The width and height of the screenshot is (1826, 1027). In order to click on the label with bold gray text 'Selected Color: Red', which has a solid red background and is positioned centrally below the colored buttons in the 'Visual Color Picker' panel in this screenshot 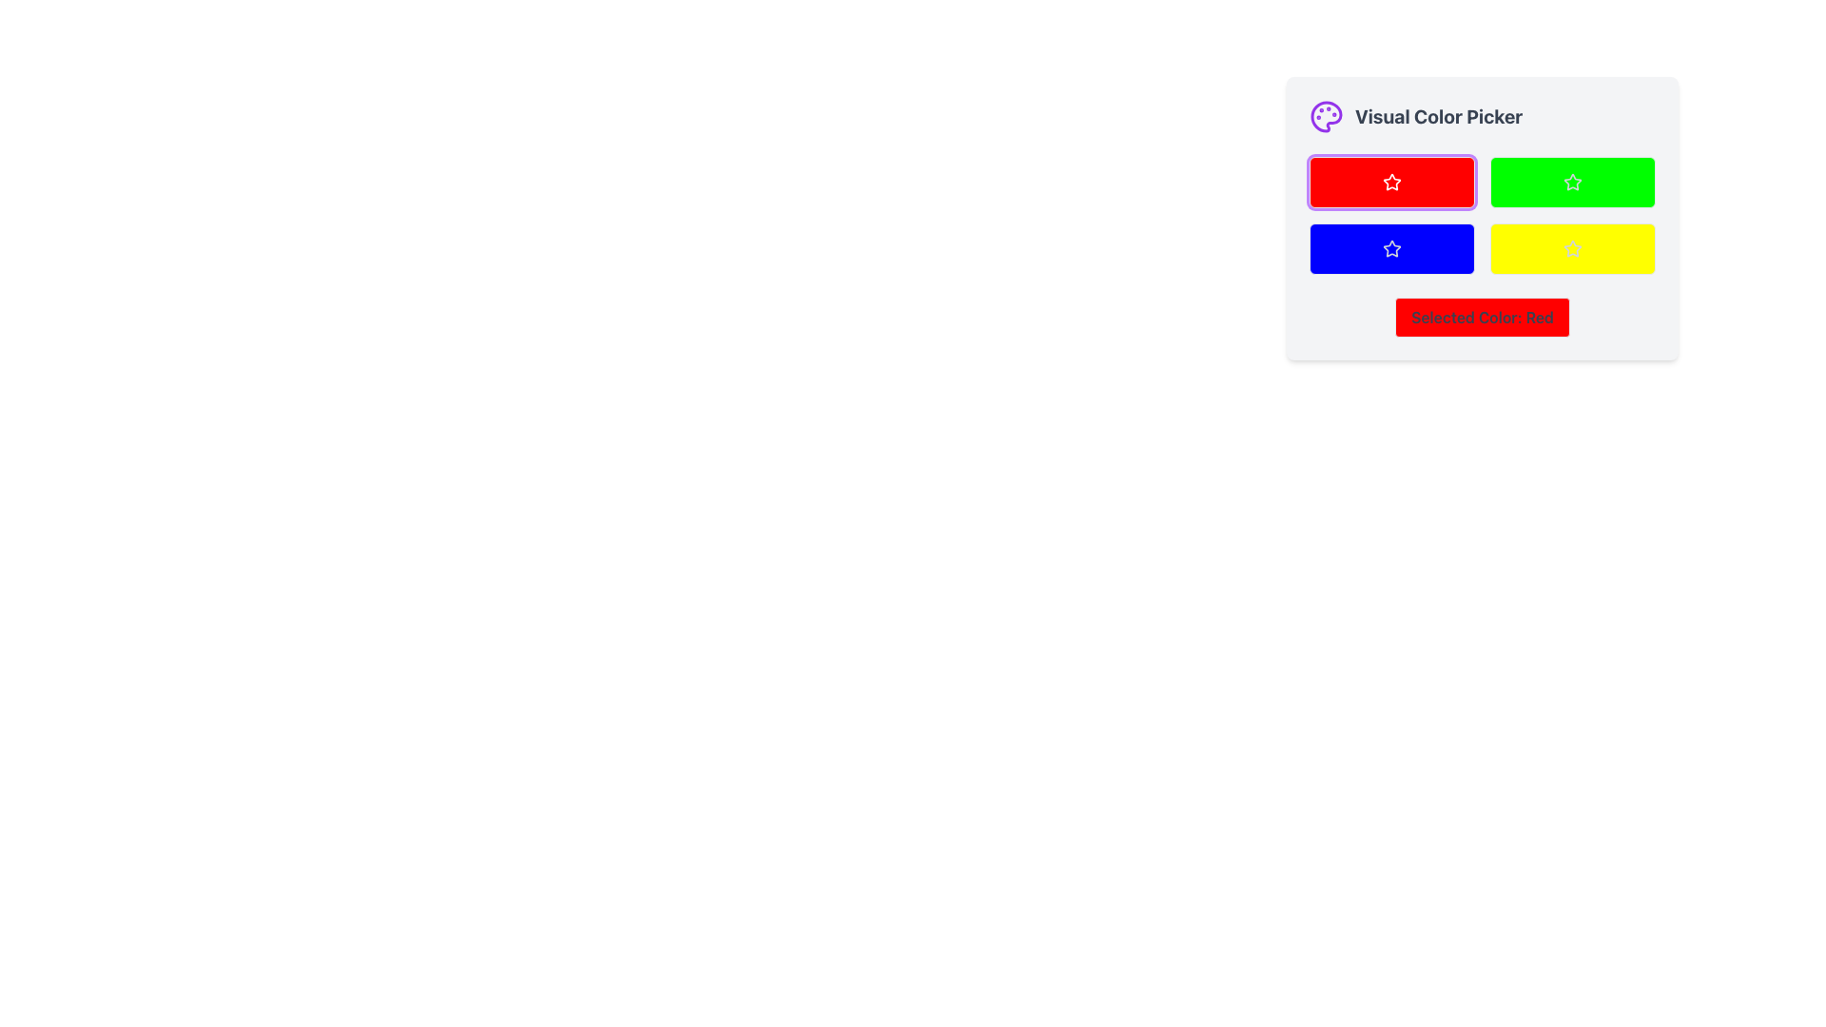, I will do `click(1482, 317)`.